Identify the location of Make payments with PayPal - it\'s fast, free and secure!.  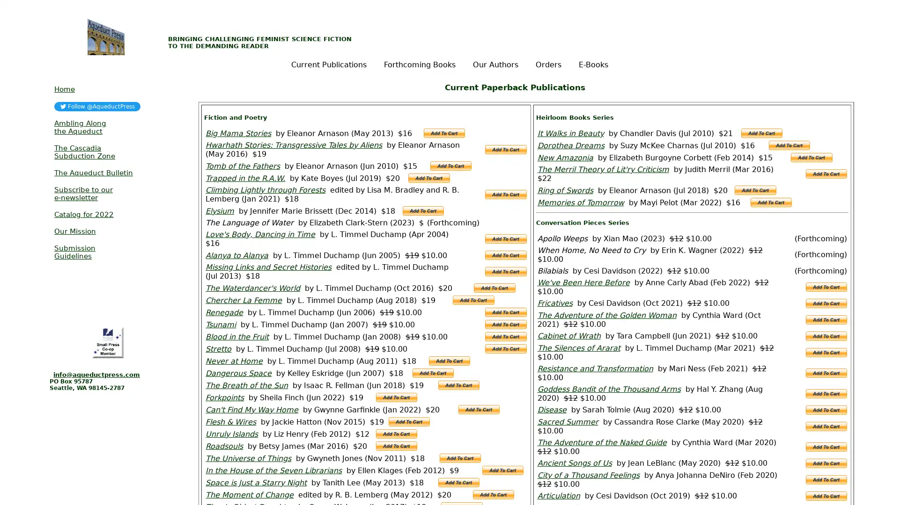
(826, 463).